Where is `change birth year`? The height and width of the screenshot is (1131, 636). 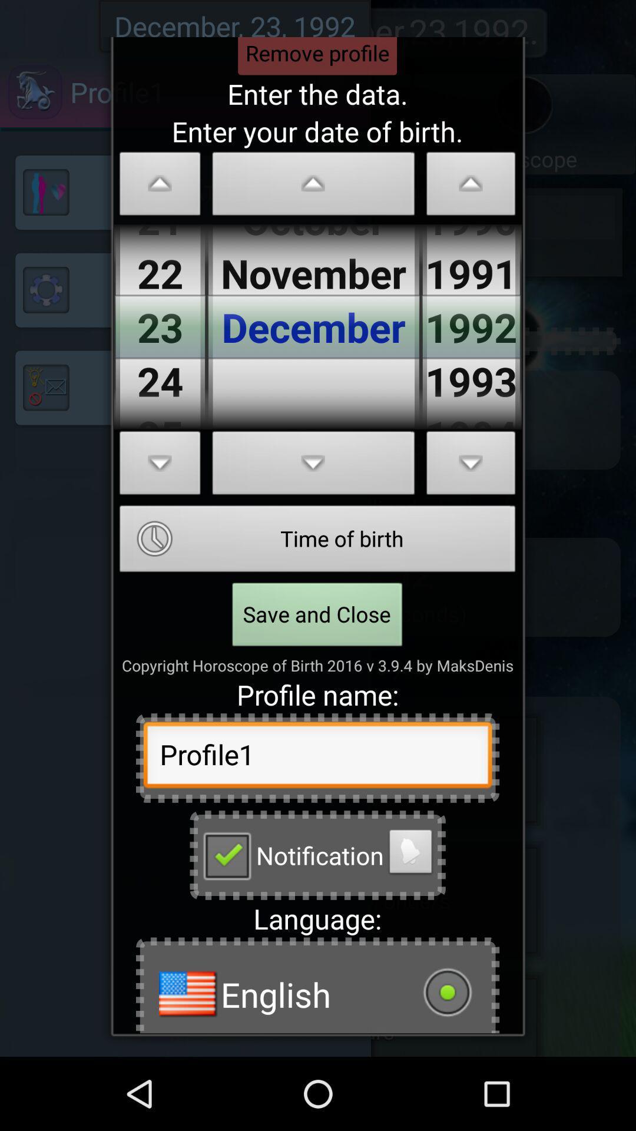
change birth year is located at coordinates (471, 186).